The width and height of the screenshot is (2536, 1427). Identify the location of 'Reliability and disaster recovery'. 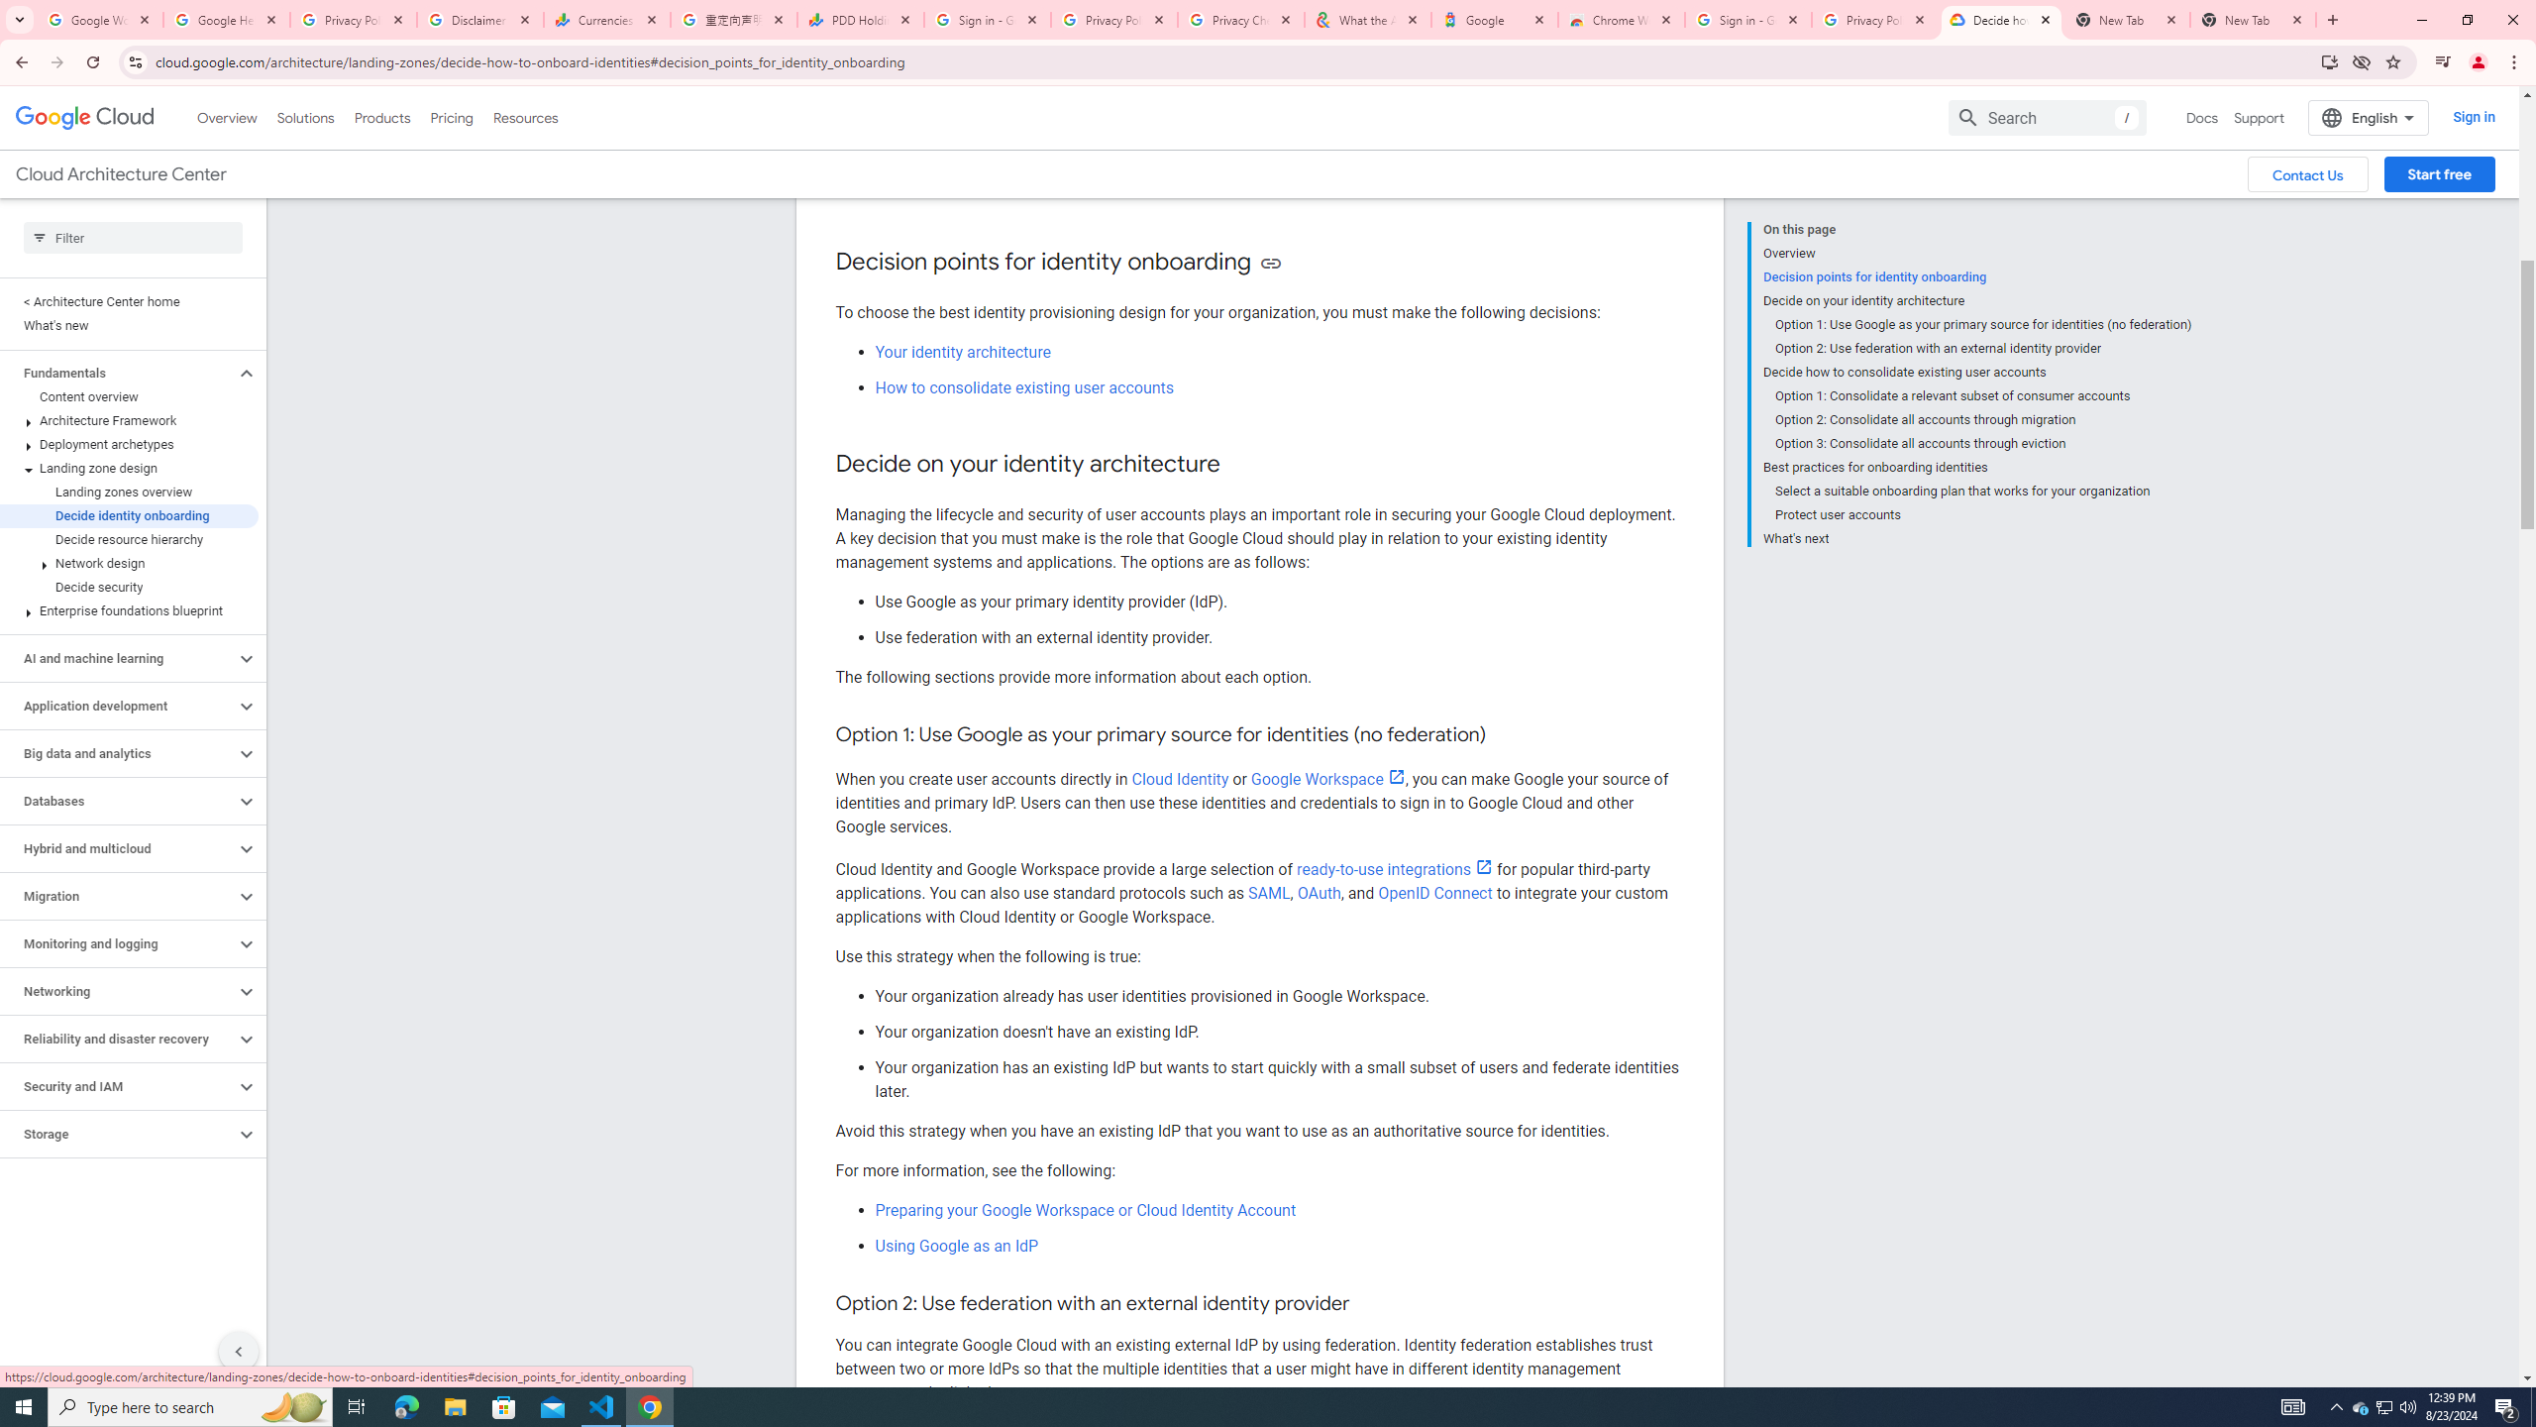
(117, 1040).